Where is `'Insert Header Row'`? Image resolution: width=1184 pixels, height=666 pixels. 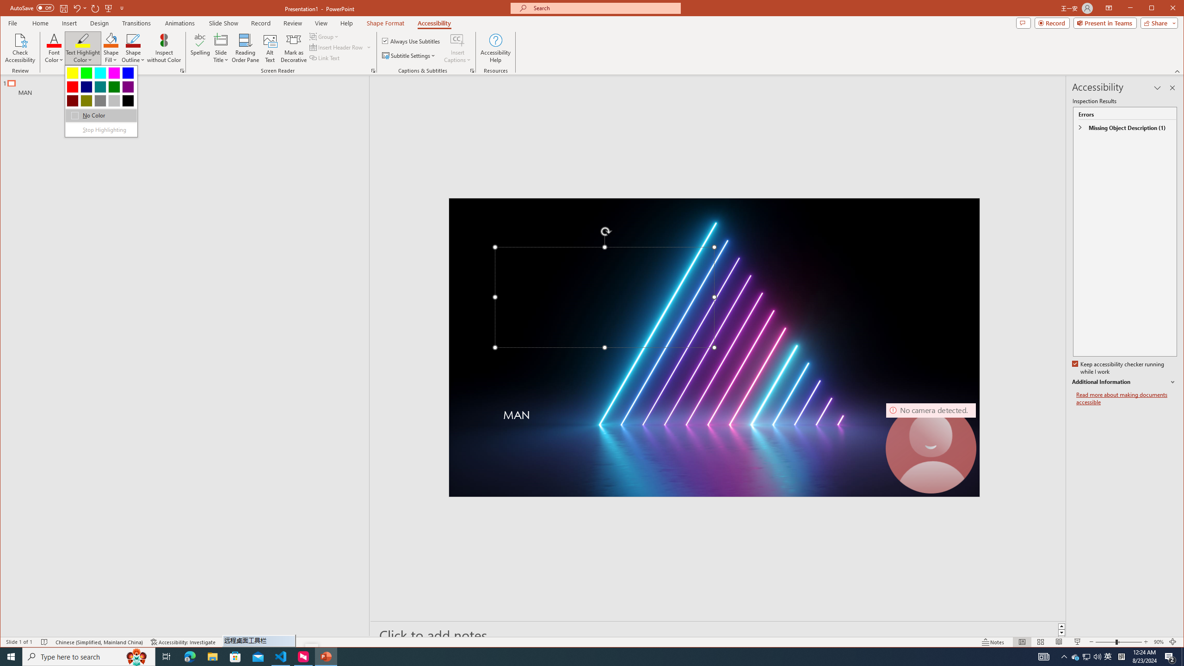
'Insert Header Row' is located at coordinates (336, 47).